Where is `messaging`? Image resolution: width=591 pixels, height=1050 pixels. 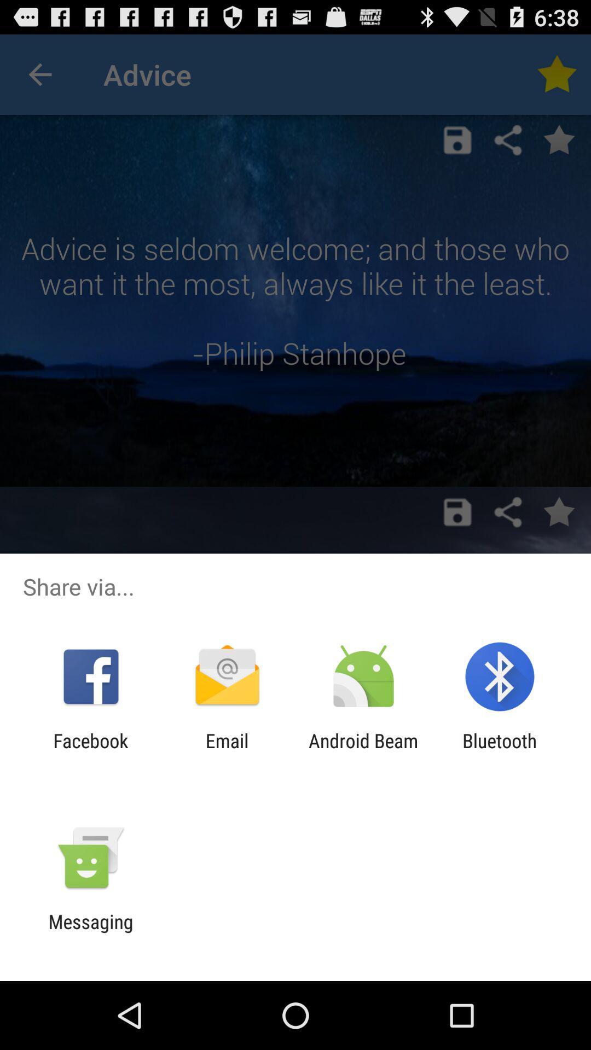
messaging is located at coordinates (90, 932).